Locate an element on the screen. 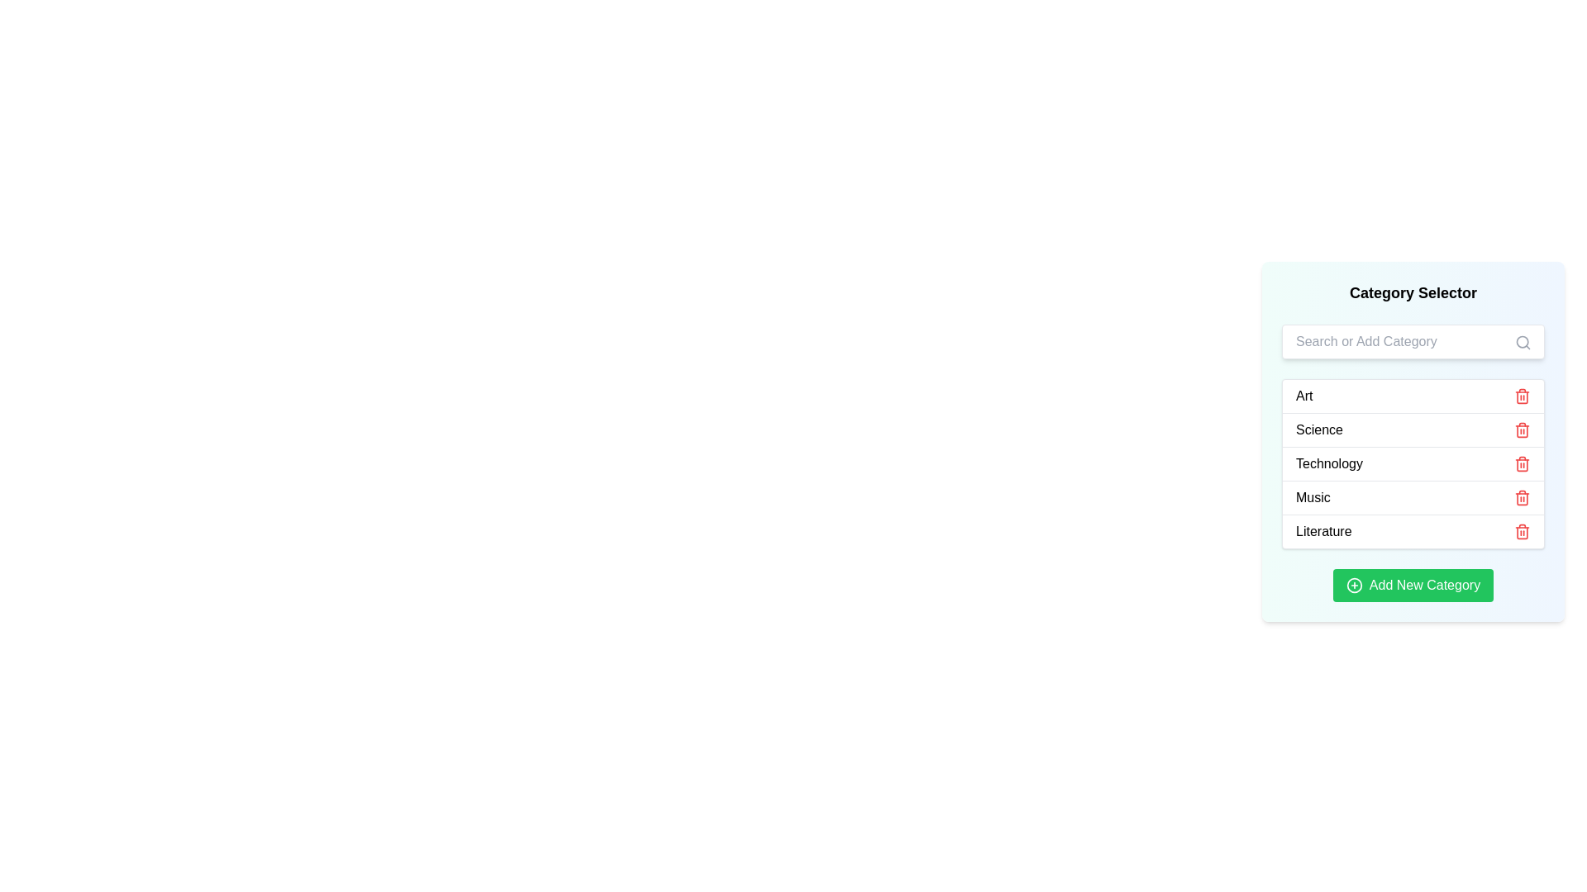 The image size is (1587, 892). the main body of the trash can icon, which is part of the SVG graphical component representing delete functionality is located at coordinates (1522, 397).